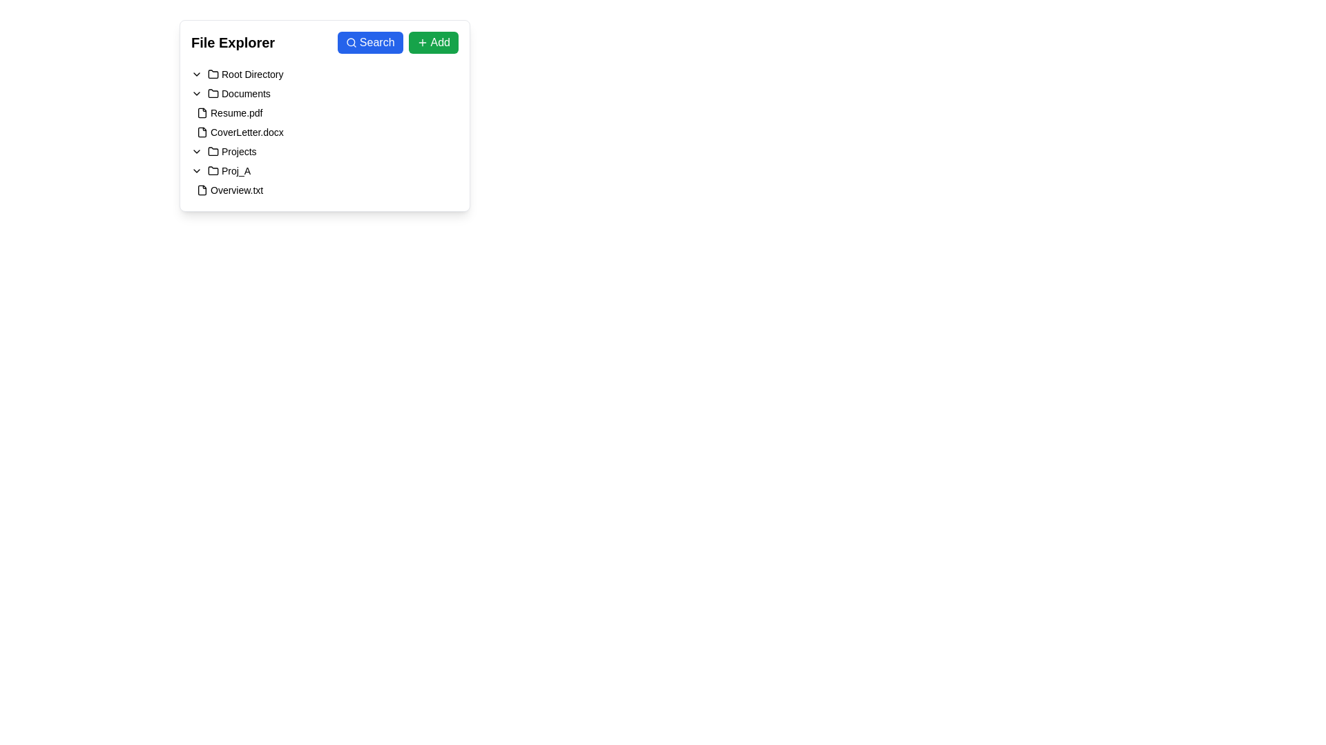  What do you see at coordinates (239, 93) in the screenshot?
I see `the 'Documents' folder item in the file explorer interface` at bounding box center [239, 93].